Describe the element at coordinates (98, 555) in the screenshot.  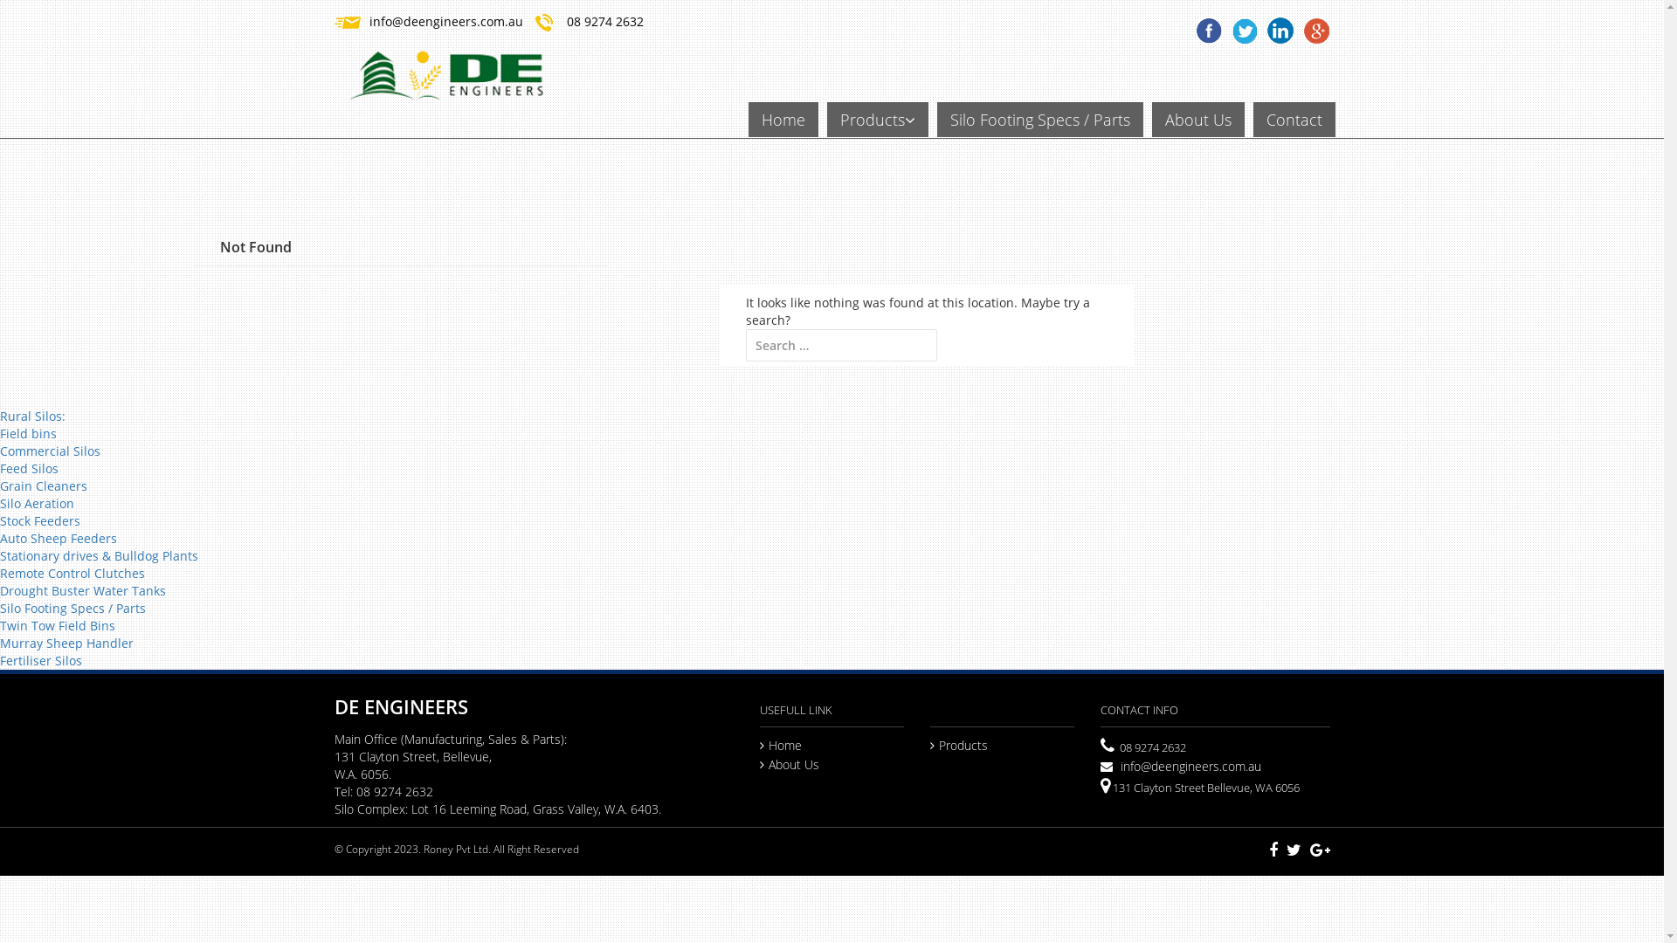
I see `'Stationary drives & Bulldog Plants'` at that location.